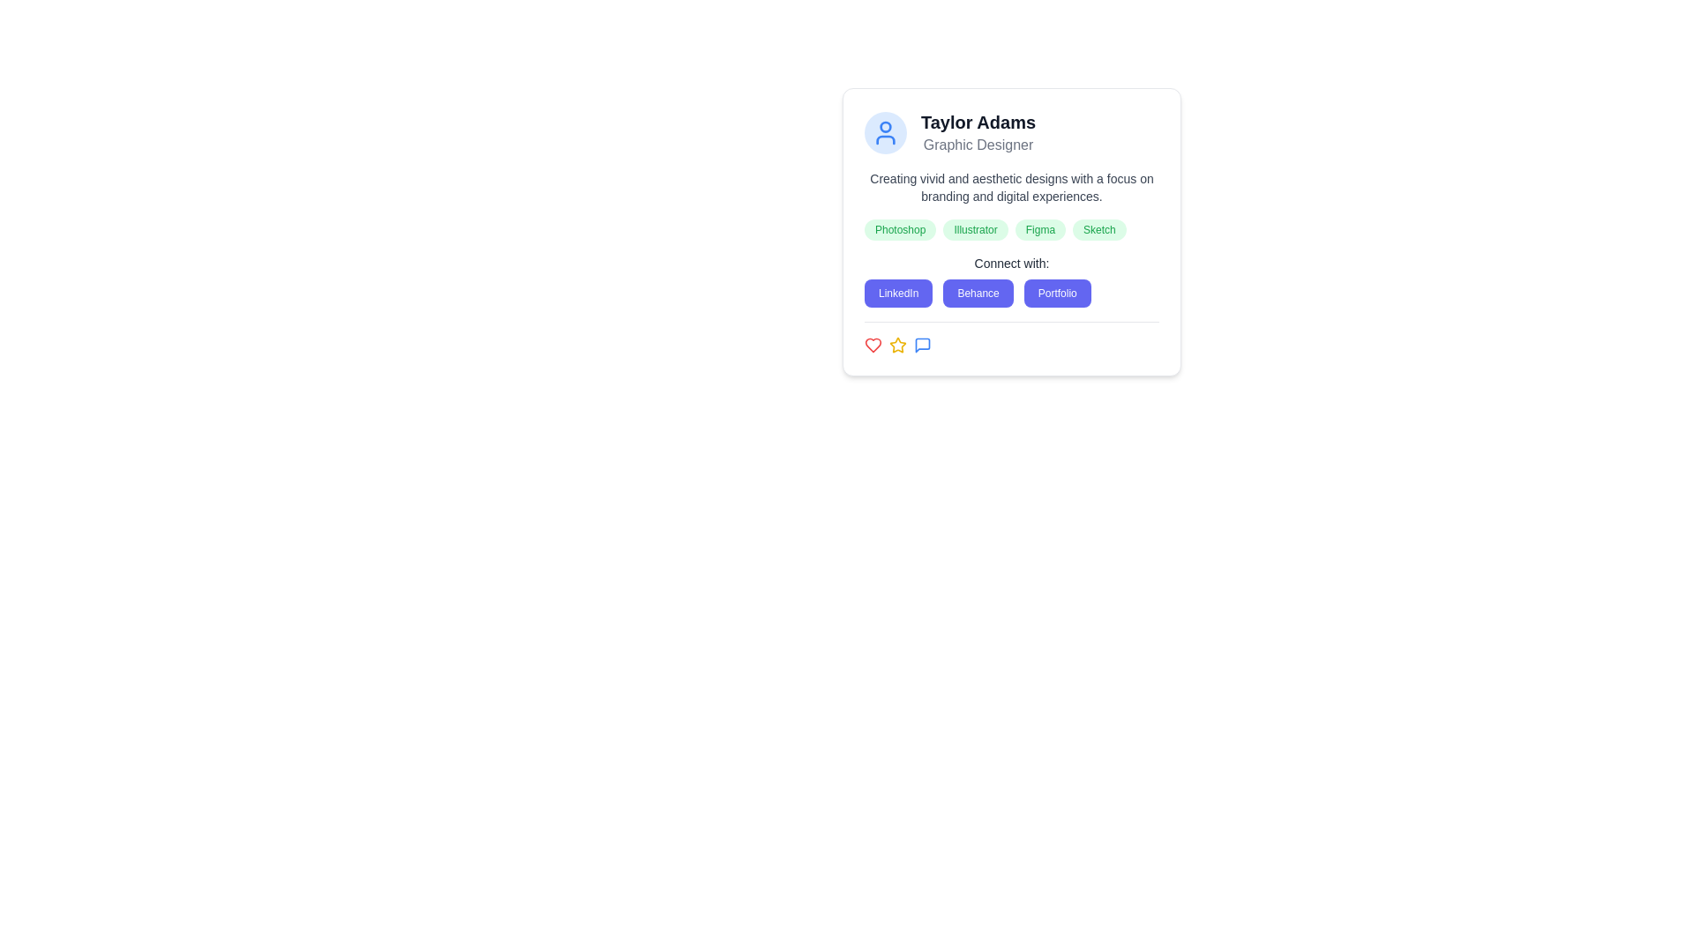 Image resolution: width=1694 pixels, height=952 pixels. What do you see at coordinates (1098, 229) in the screenshot?
I see `the non-interactive label indicating the skill or tool 'Sketch', which is the fourth item in a horizontal list of labels located below the descriptive text 'Creating vivid and aesthetic designs...'` at bounding box center [1098, 229].